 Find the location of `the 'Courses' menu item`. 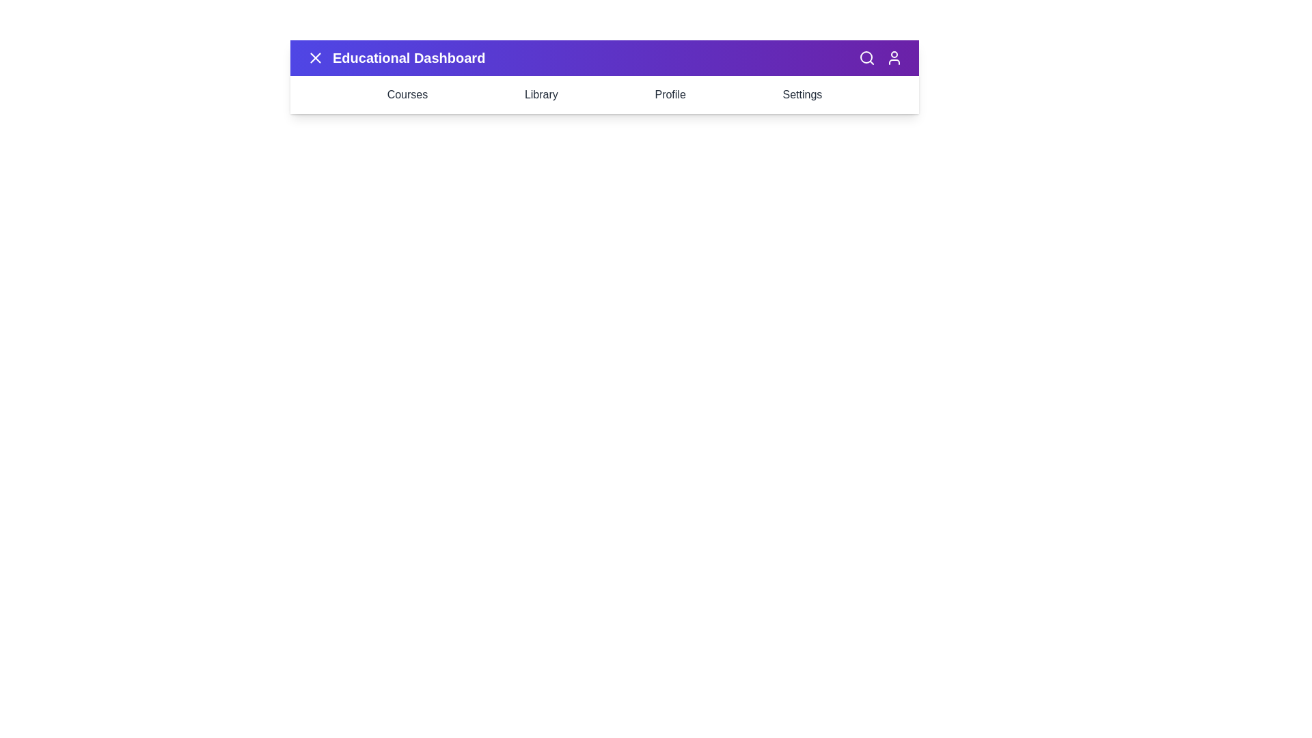

the 'Courses' menu item is located at coordinates (406, 94).